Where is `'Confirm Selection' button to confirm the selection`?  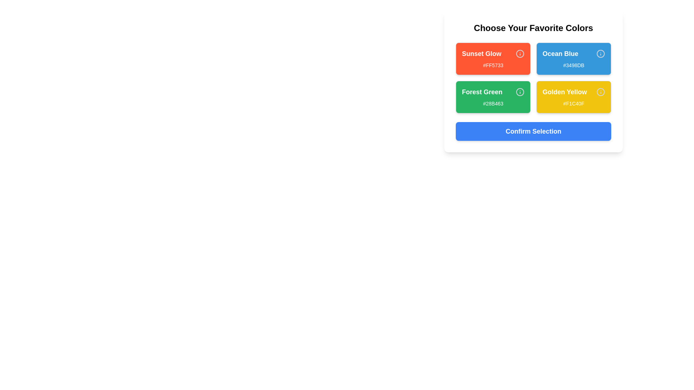 'Confirm Selection' button to confirm the selection is located at coordinates (534, 131).